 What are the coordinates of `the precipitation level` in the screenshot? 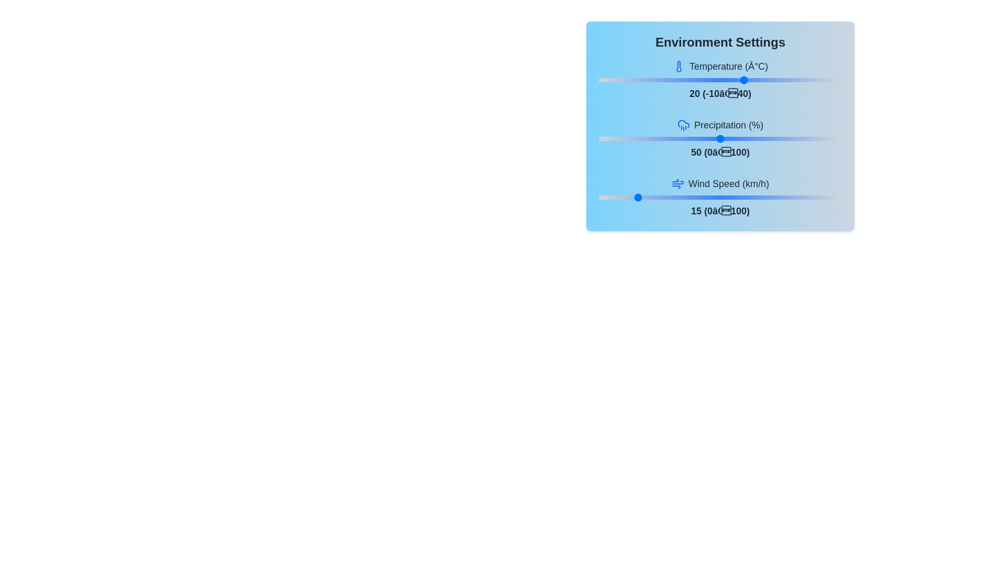 It's located at (630, 138).